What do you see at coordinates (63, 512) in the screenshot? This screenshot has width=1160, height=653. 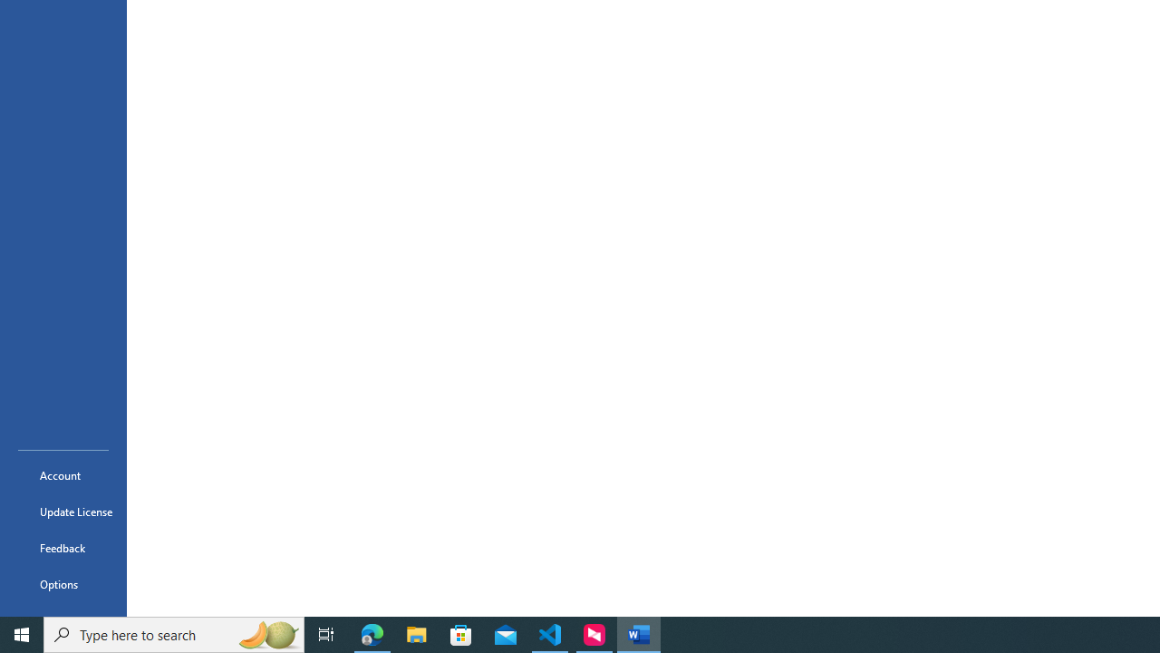 I see `'Update License'` at bounding box center [63, 512].